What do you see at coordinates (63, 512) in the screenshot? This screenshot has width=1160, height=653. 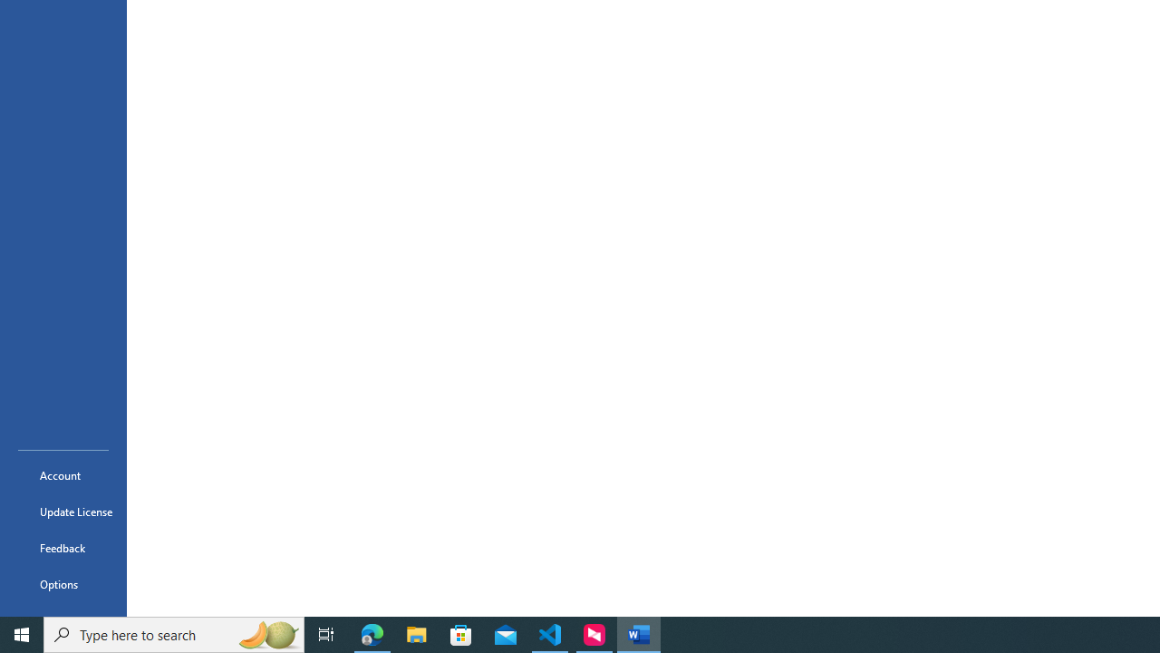 I see `'Update License'` at bounding box center [63, 512].